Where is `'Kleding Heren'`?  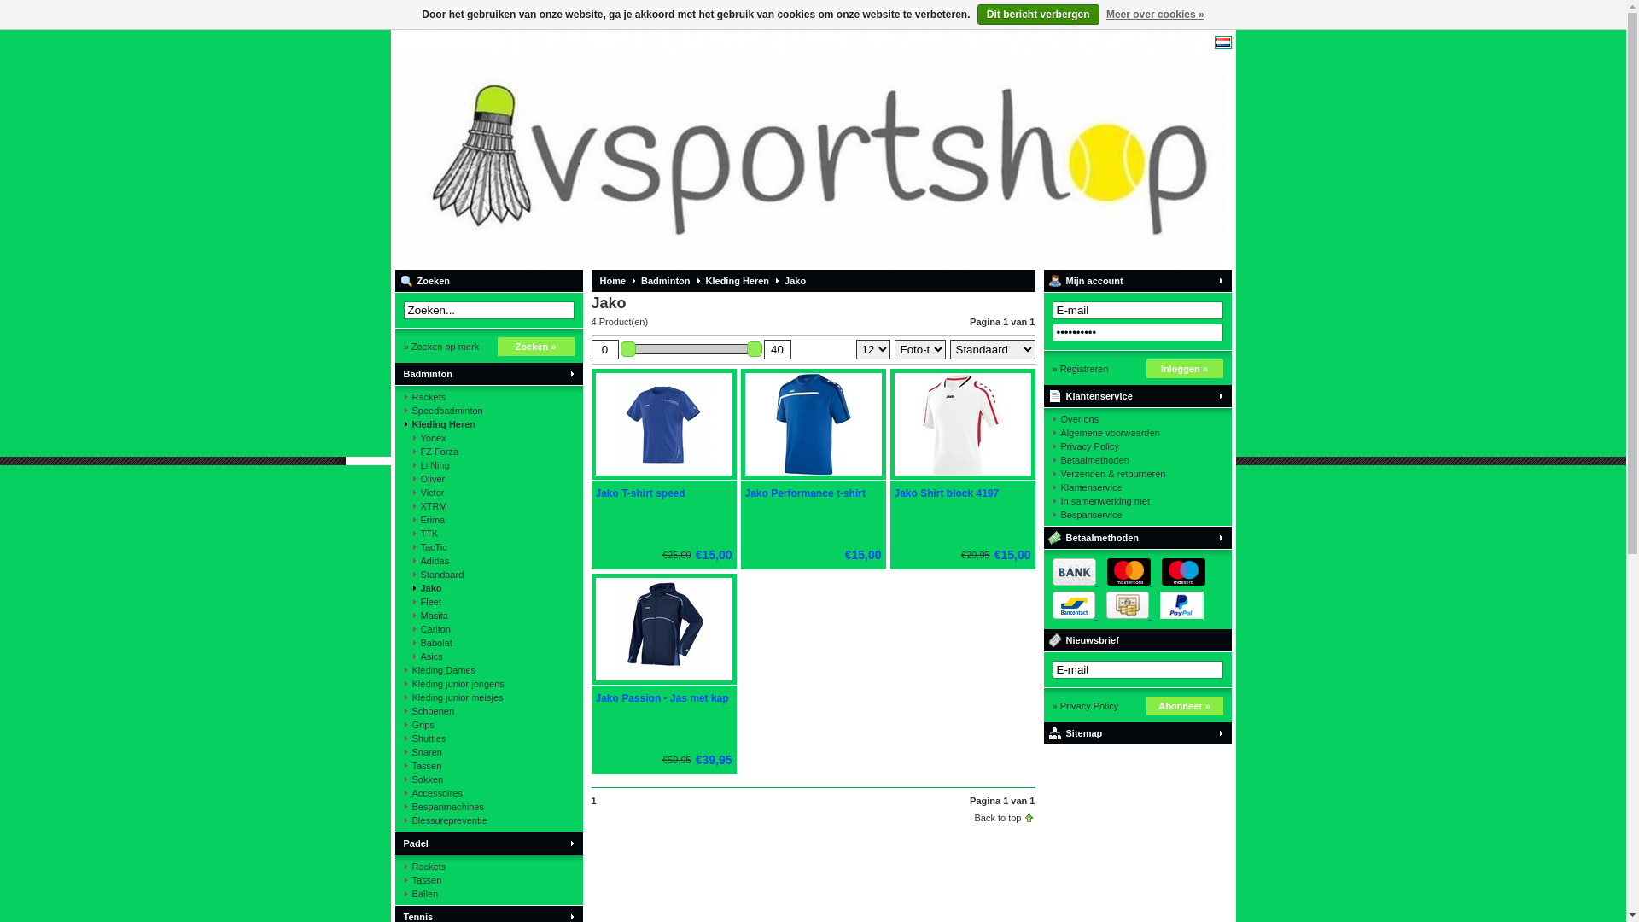
'Kleding Heren' is located at coordinates (487, 423).